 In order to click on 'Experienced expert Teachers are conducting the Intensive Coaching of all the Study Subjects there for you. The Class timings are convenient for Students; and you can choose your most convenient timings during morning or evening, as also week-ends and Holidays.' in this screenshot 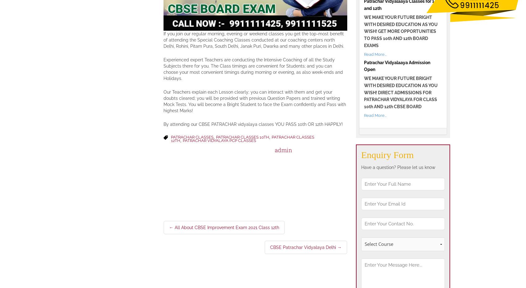, I will do `click(253, 69)`.